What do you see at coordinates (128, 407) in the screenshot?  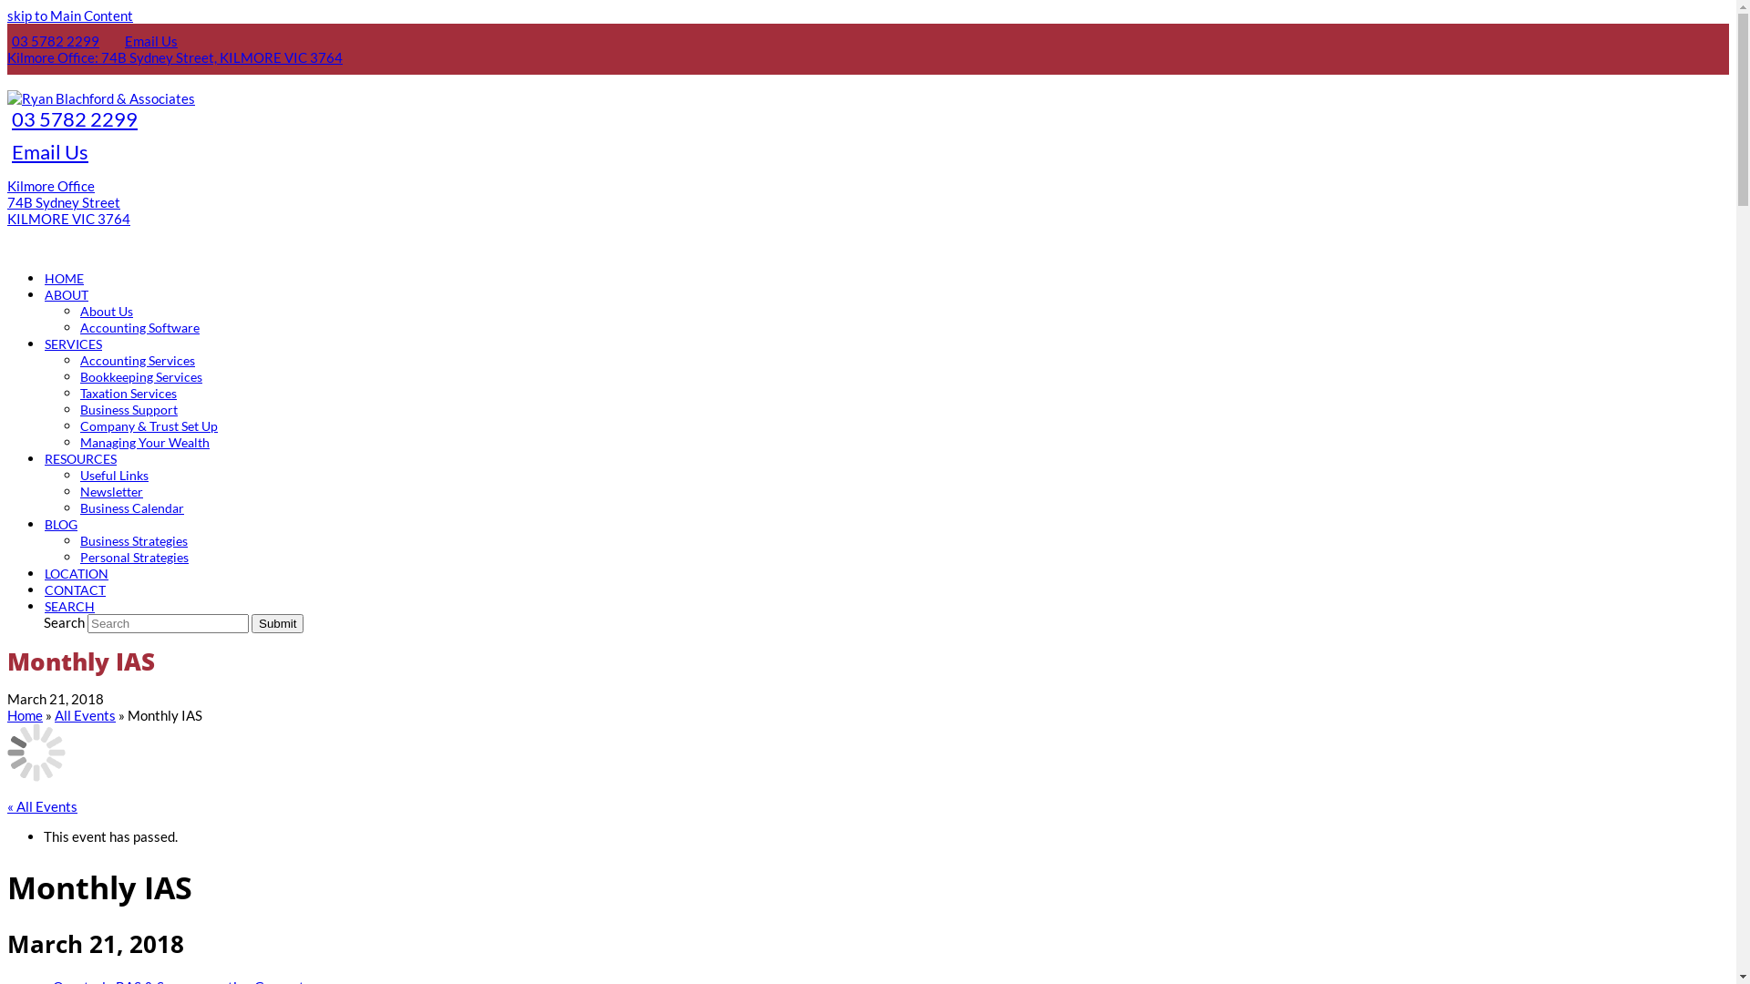 I see `'Business Support'` at bounding box center [128, 407].